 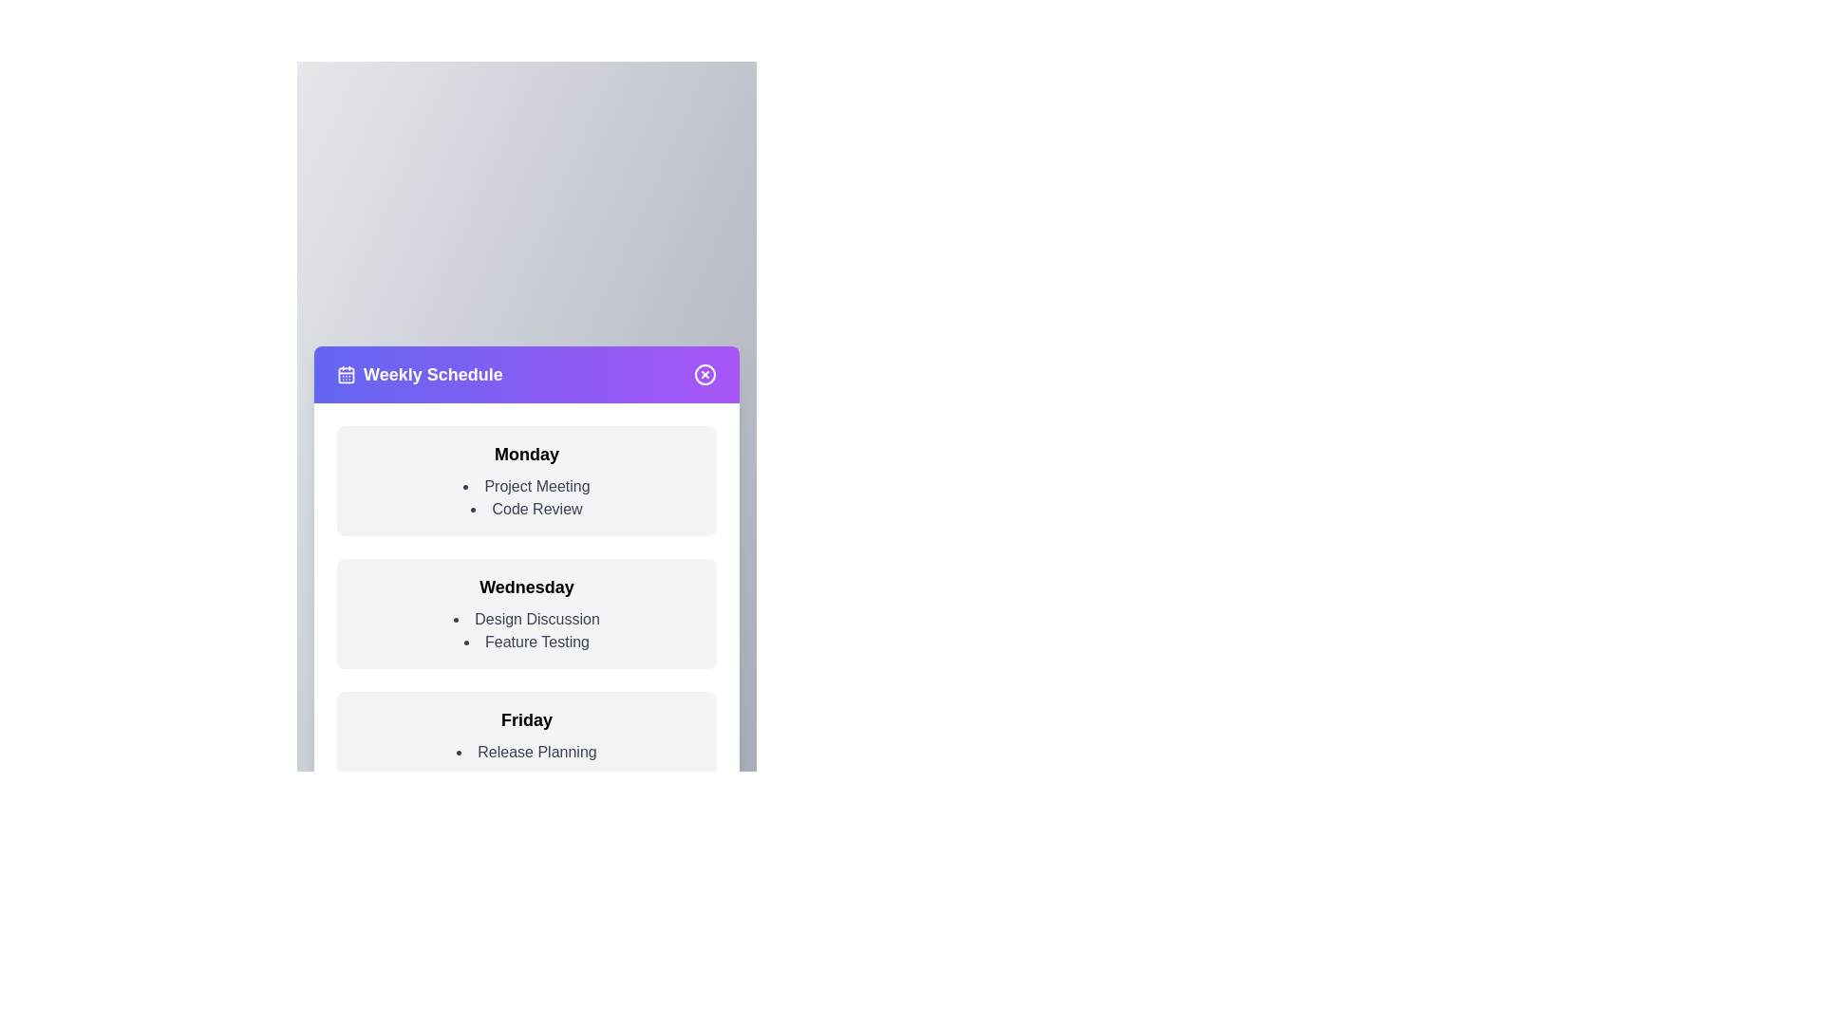 What do you see at coordinates (527, 479) in the screenshot?
I see `the schedule item for Monday` at bounding box center [527, 479].